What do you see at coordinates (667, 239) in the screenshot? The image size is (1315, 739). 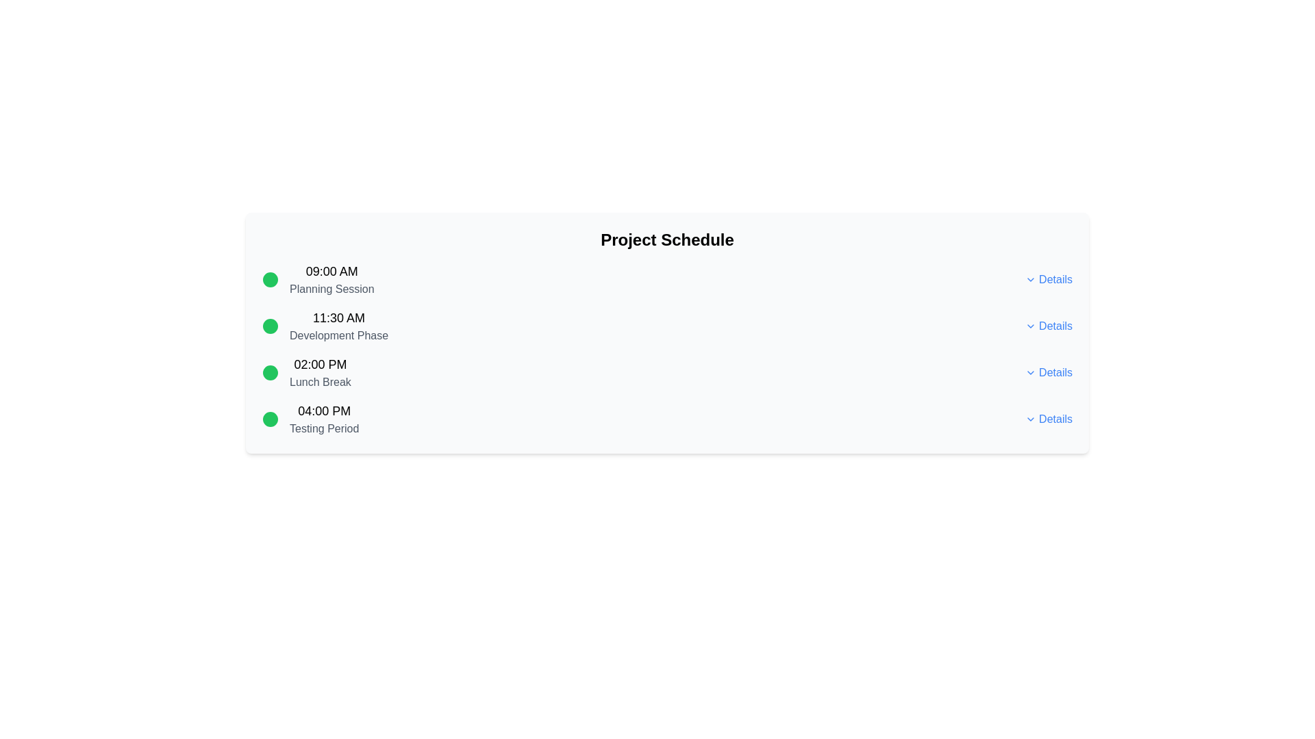 I see `the 'Project Schedule' text label, which is a bold heading centrally aligned at the top of the schedule panel` at bounding box center [667, 239].